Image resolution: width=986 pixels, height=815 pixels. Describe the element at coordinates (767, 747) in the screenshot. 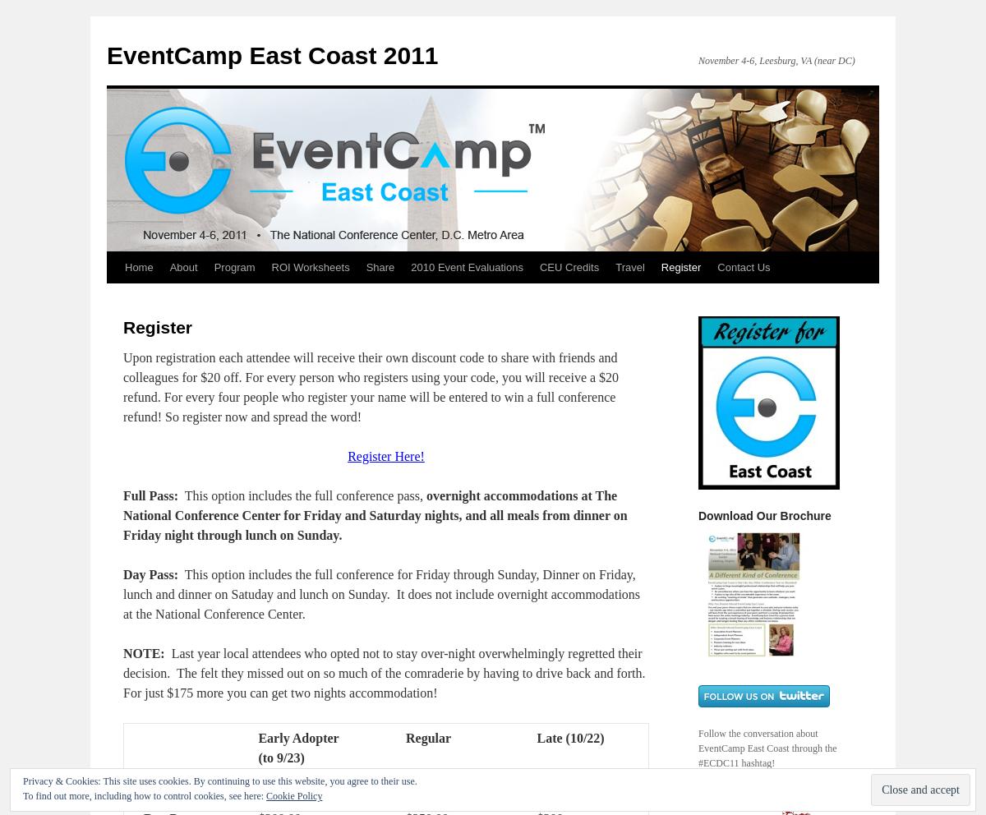

I see `'Follow the conversation about EventCamp East Coast through the #ECDC11 hashtag!'` at that location.